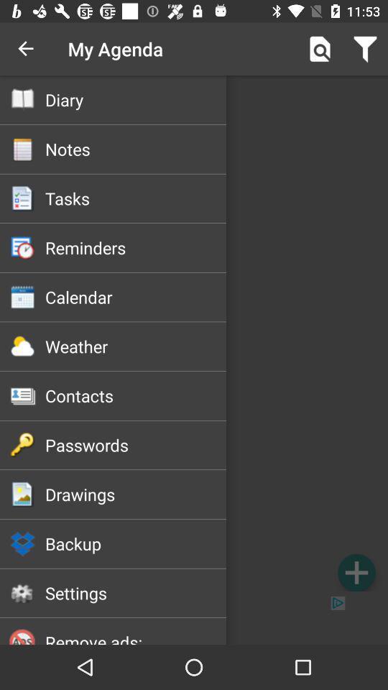 The width and height of the screenshot is (388, 690). I want to click on item below the notes icon, so click(136, 198).